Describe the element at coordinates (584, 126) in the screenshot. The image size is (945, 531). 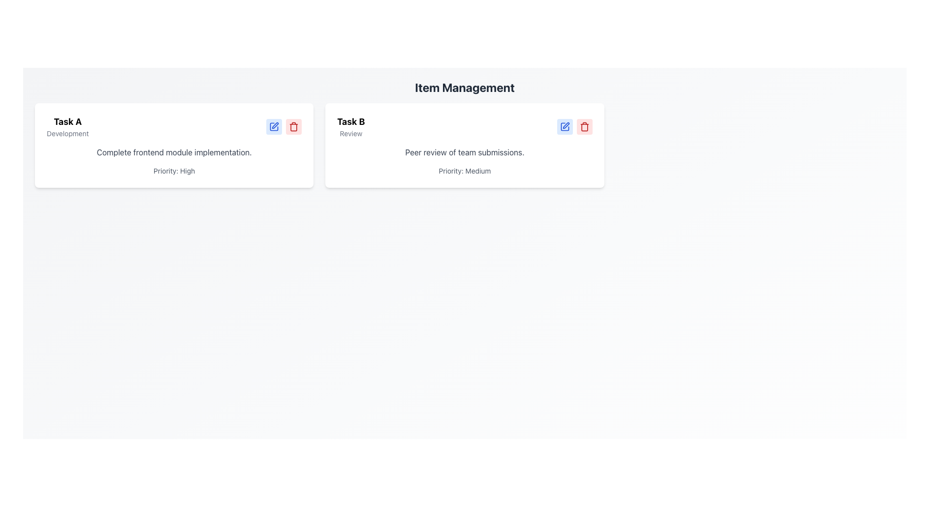
I see `the delete button located at the top-right corner of the Task B card` at that location.